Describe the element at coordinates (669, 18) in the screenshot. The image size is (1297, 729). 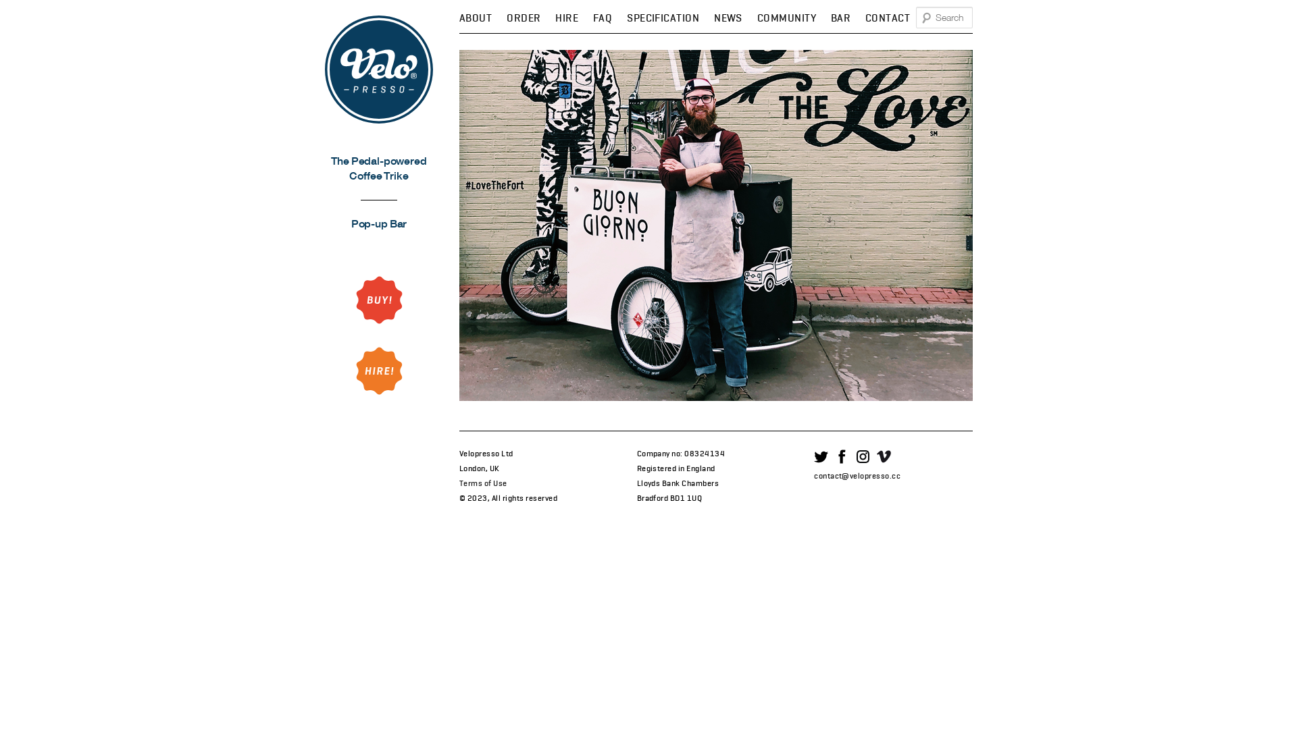
I see `'SPECIFICATION'` at that location.